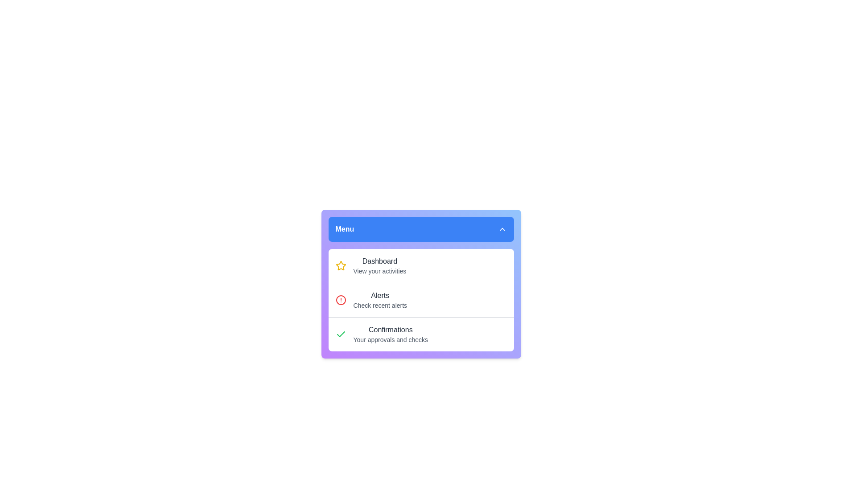 This screenshot has height=481, width=856. What do you see at coordinates (390, 334) in the screenshot?
I see `the List Item in the sidebar menu that represents user approvals and checks, identifiable by its green check icon and descriptive text` at bounding box center [390, 334].